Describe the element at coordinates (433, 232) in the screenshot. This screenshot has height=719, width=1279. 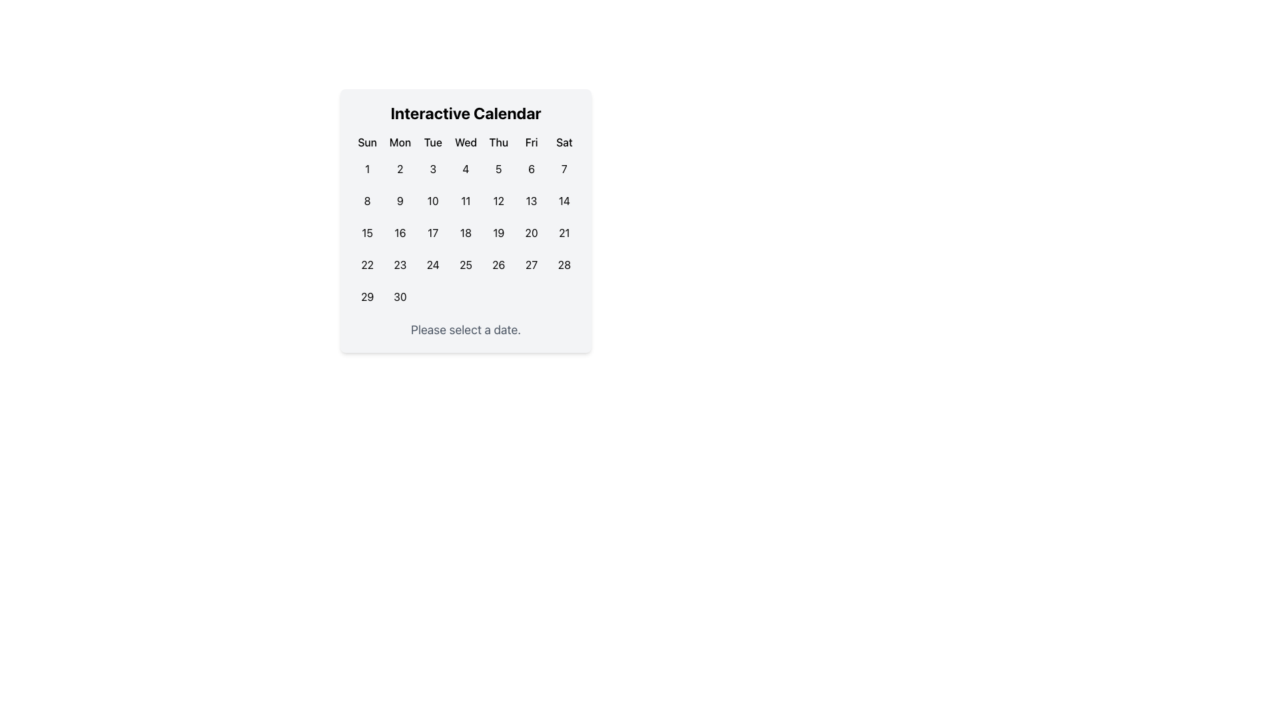
I see `the calendar cell displaying '17', located in the third row and third column of the calendar grid` at that location.